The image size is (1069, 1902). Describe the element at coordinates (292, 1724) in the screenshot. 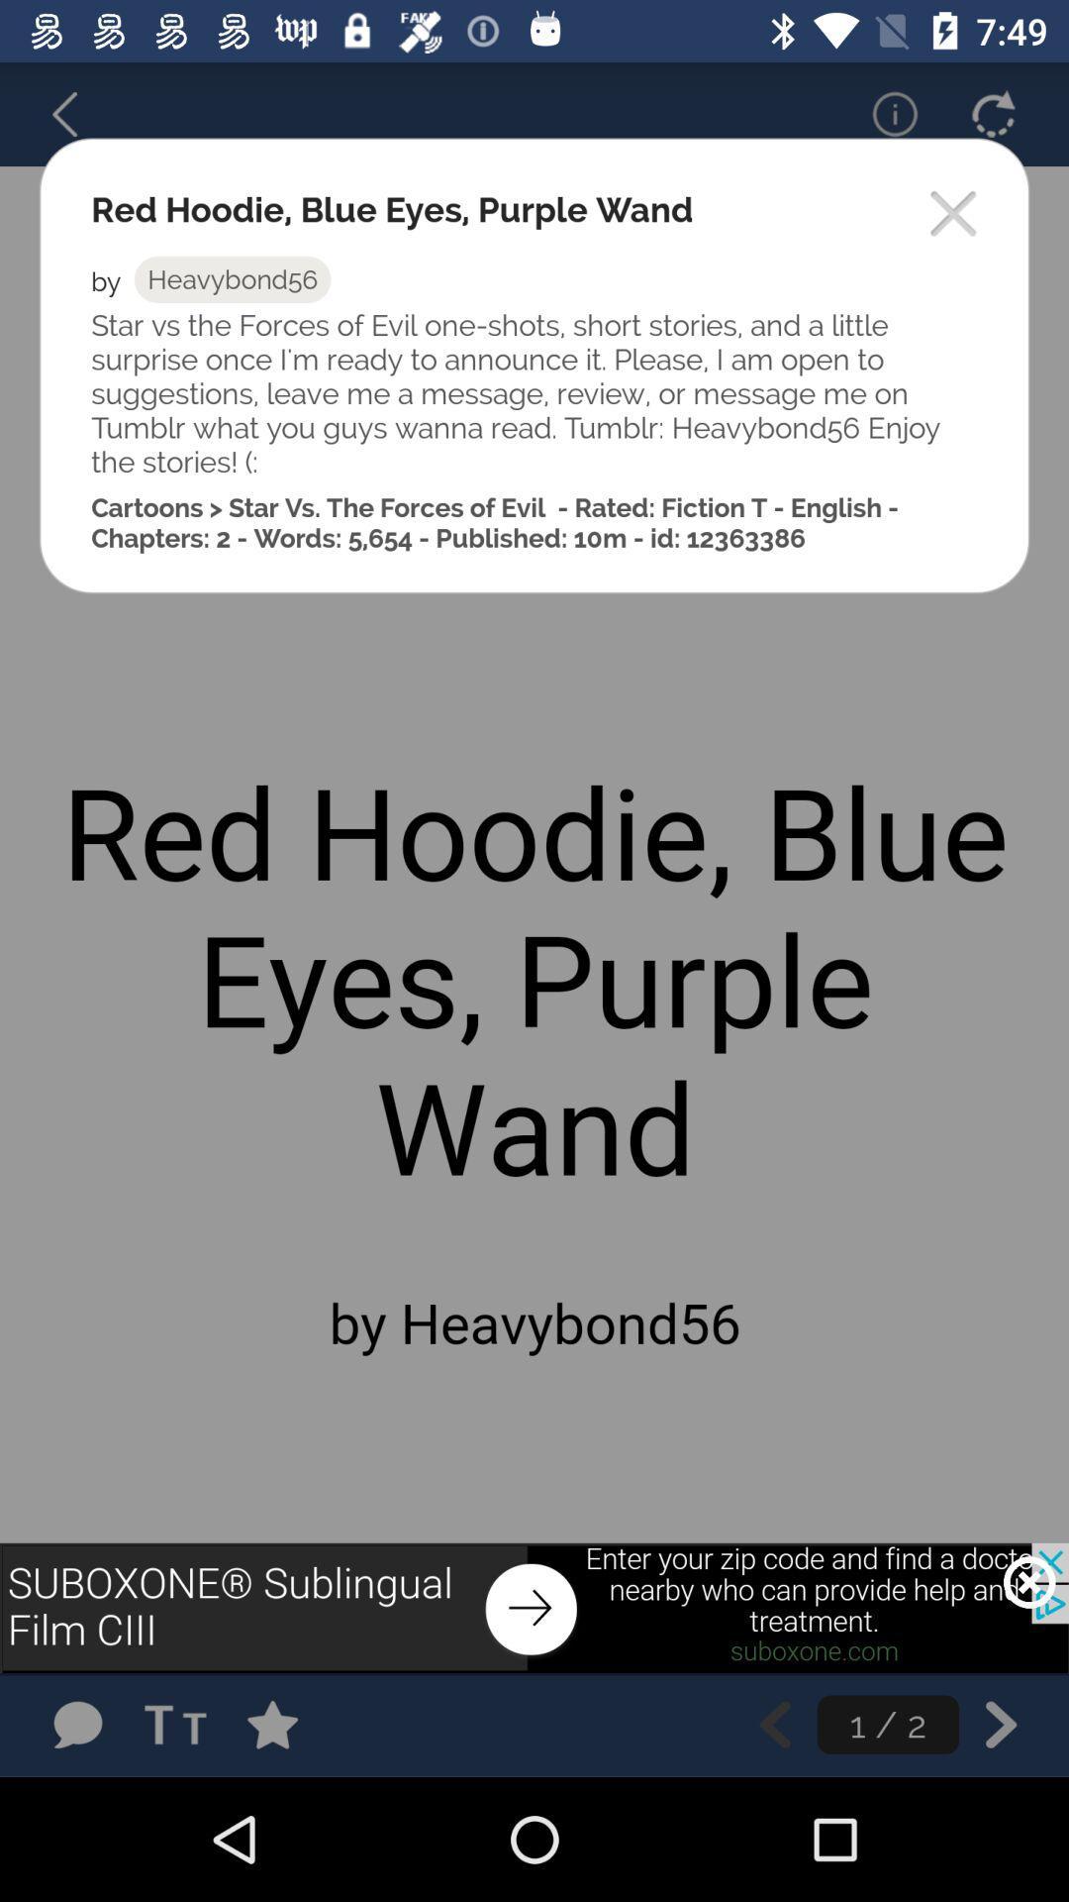

I see `this page to your favourites` at that location.